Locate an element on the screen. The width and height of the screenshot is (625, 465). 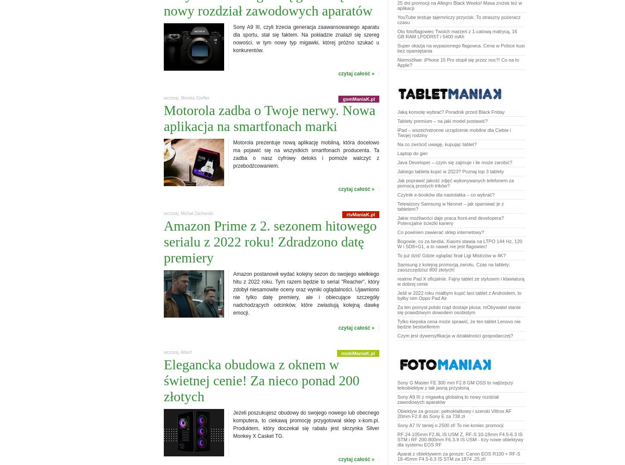
'Obiektyw za grosze: pełnoklatkowy i szeroki Viltrox AF 20mm F2.8 do Sony E za 738 zł' is located at coordinates (397, 413).